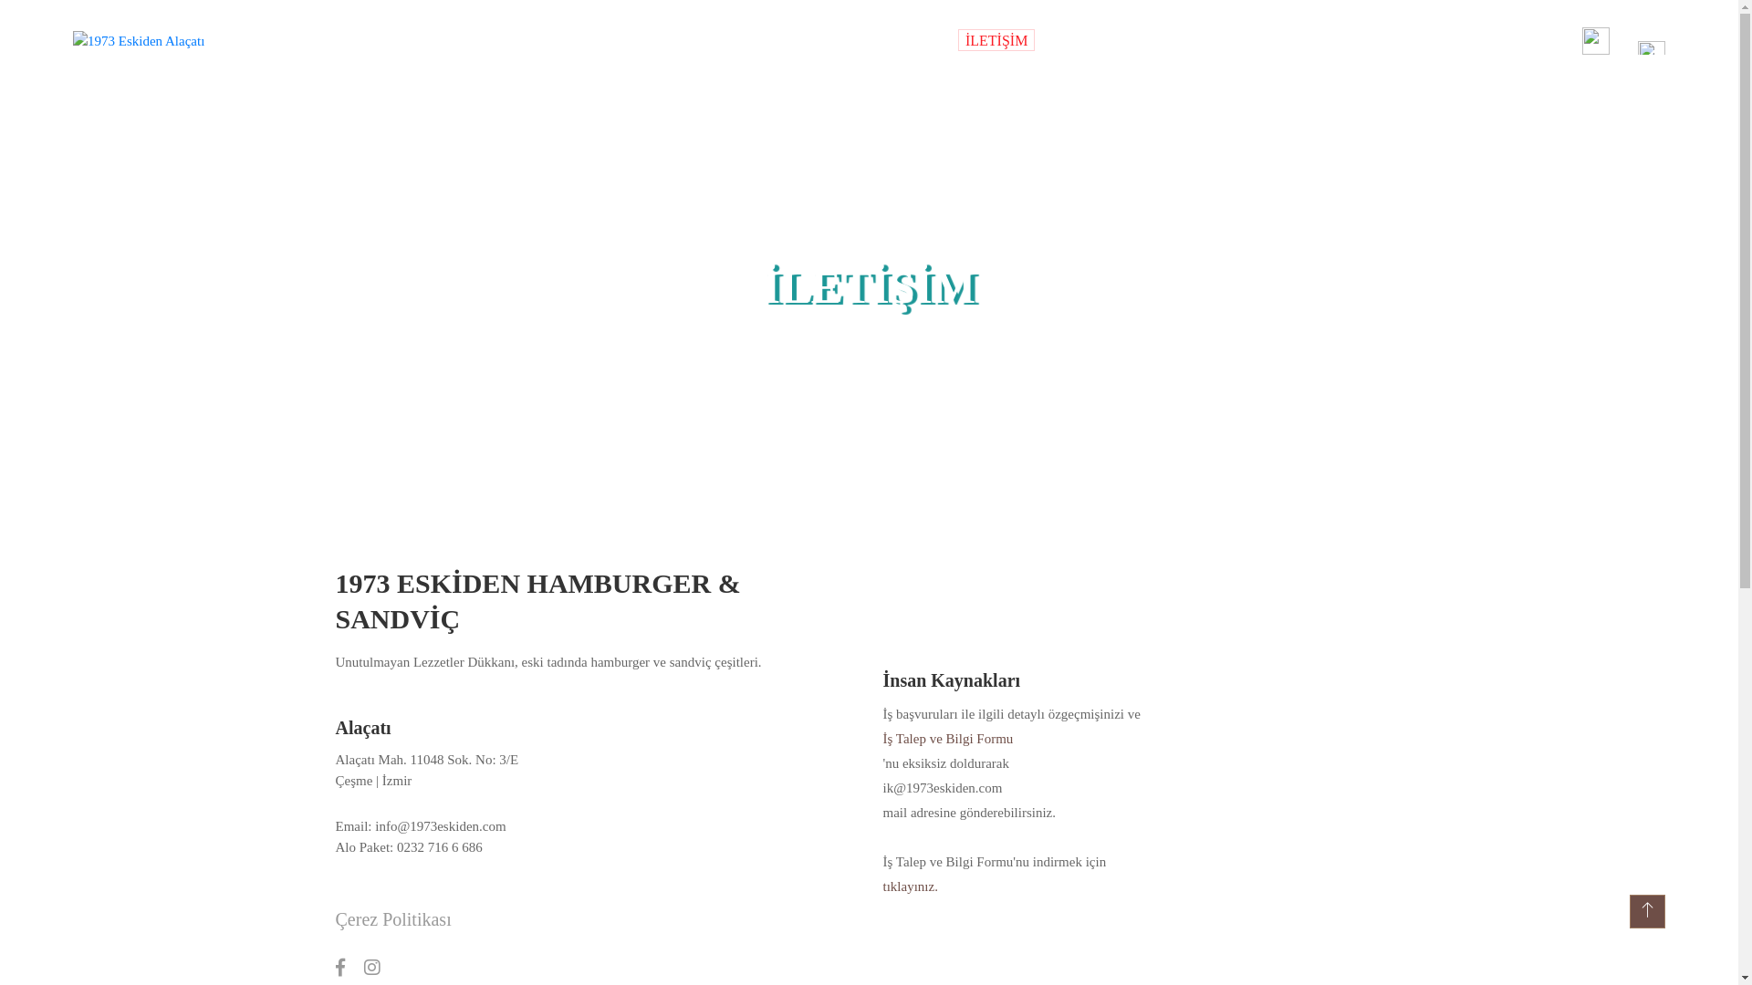  Describe the element at coordinates (459, 847) in the screenshot. I see `'Alo Paket: 0232 716 6 686'` at that location.